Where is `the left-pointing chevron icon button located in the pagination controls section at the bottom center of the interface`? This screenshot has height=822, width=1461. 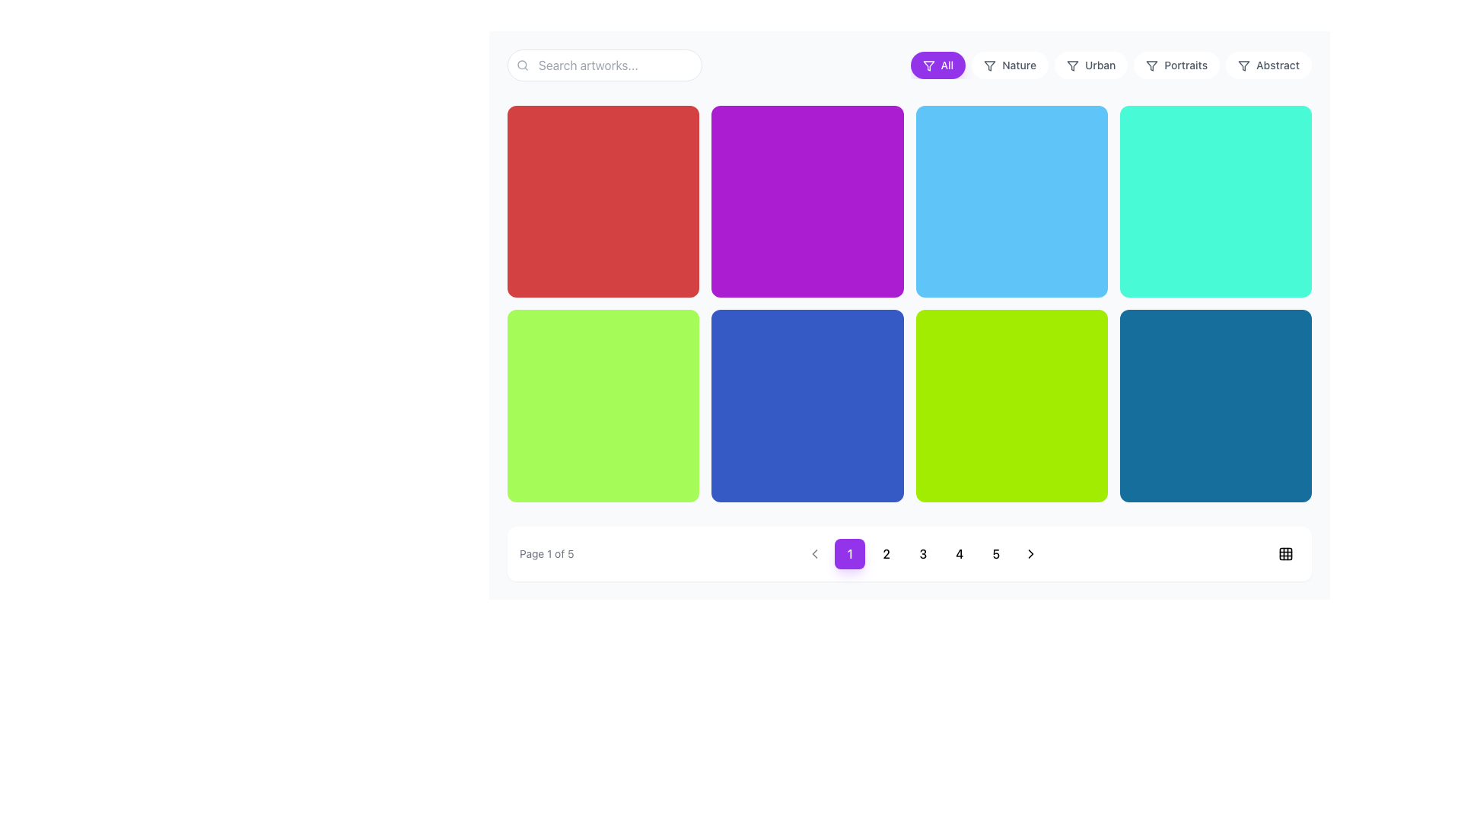 the left-pointing chevron icon button located in the pagination controls section at the bottom center of the interface is located at coordinates (814, 553).